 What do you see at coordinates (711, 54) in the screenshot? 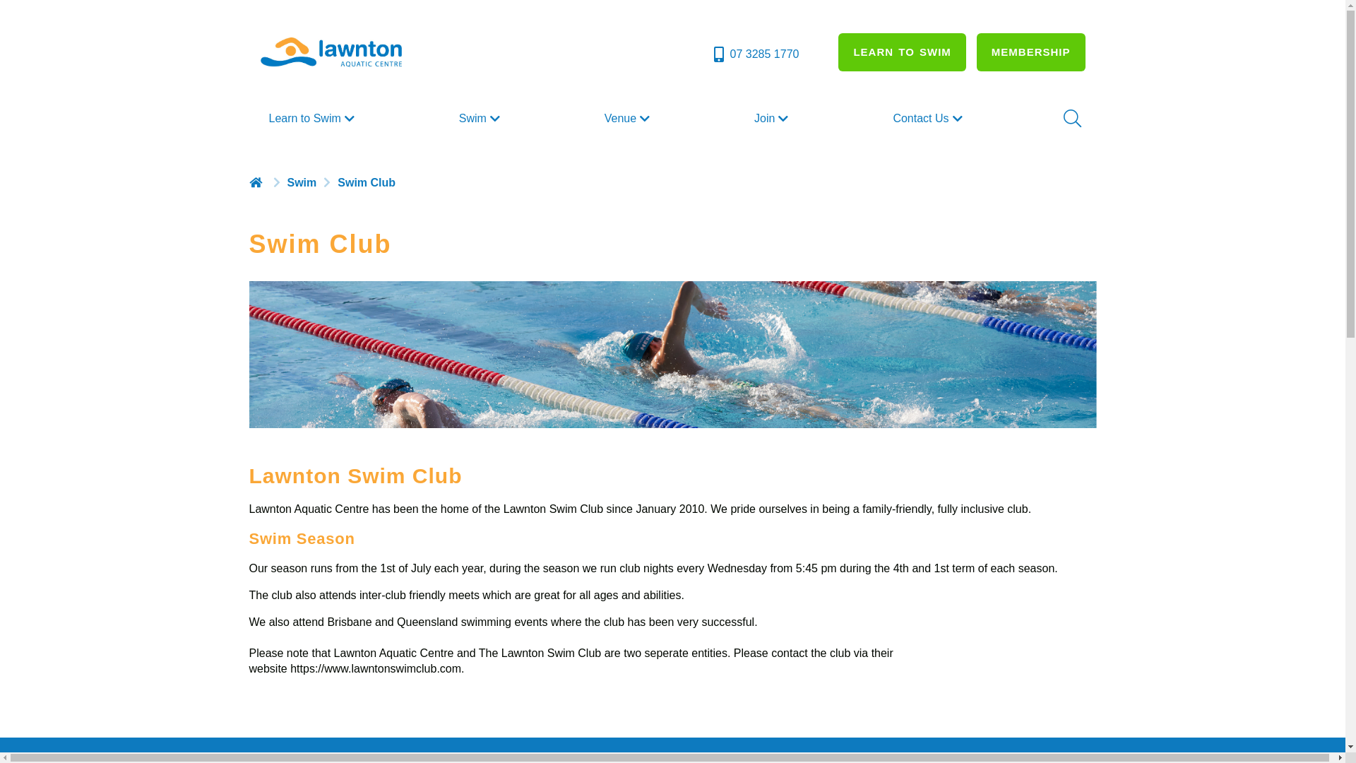
I see `'07 3285 1770'` at bounding box center [711, 54].